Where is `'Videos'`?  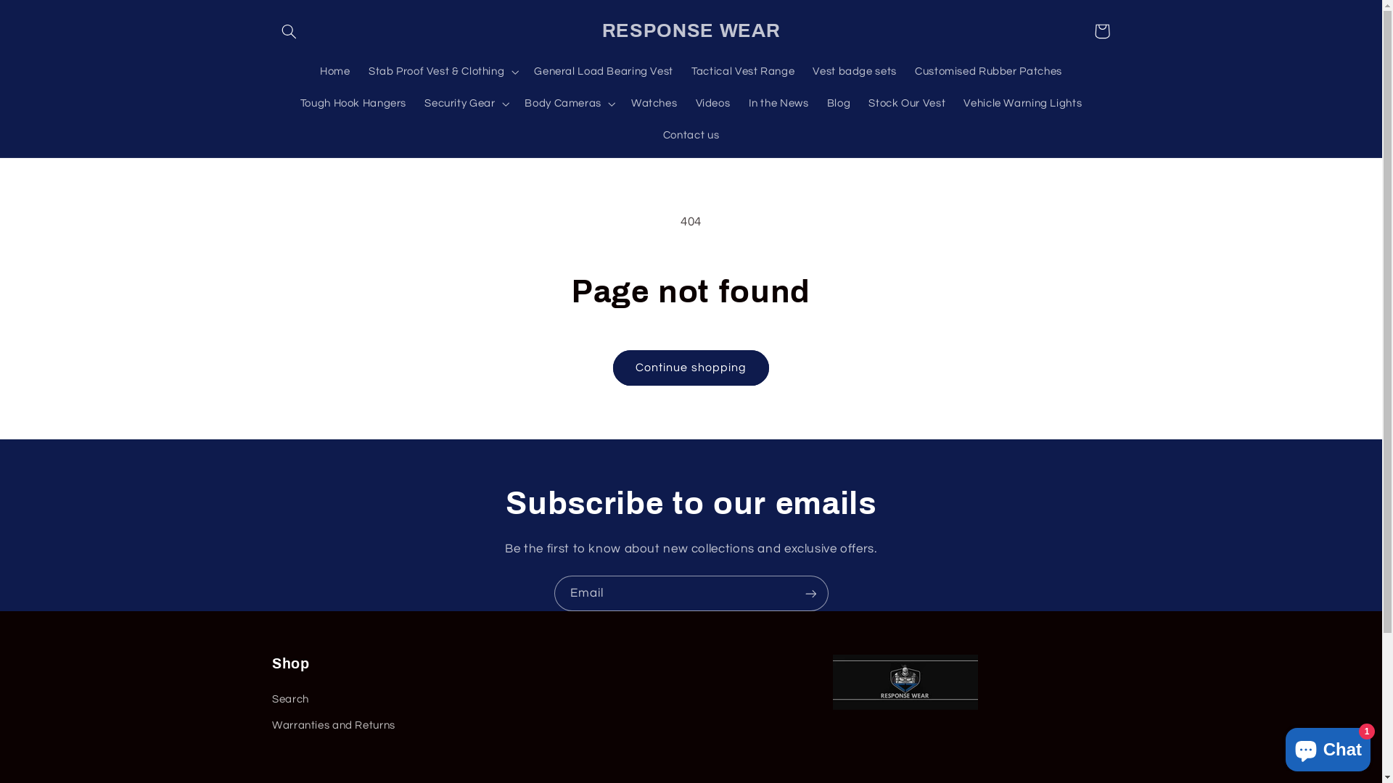 'Videos' is located at coordinates (712, 102).